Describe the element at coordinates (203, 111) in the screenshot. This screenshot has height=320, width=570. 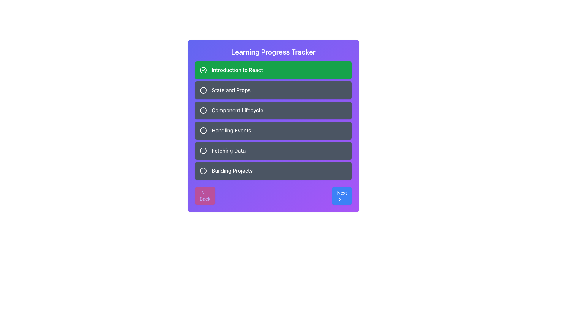
I see `the SVG Circle Icon, which is a white stroked circle with no fill, located to the left of the text 'Component Lifecycle' in the third item of a vertical list` at that location.